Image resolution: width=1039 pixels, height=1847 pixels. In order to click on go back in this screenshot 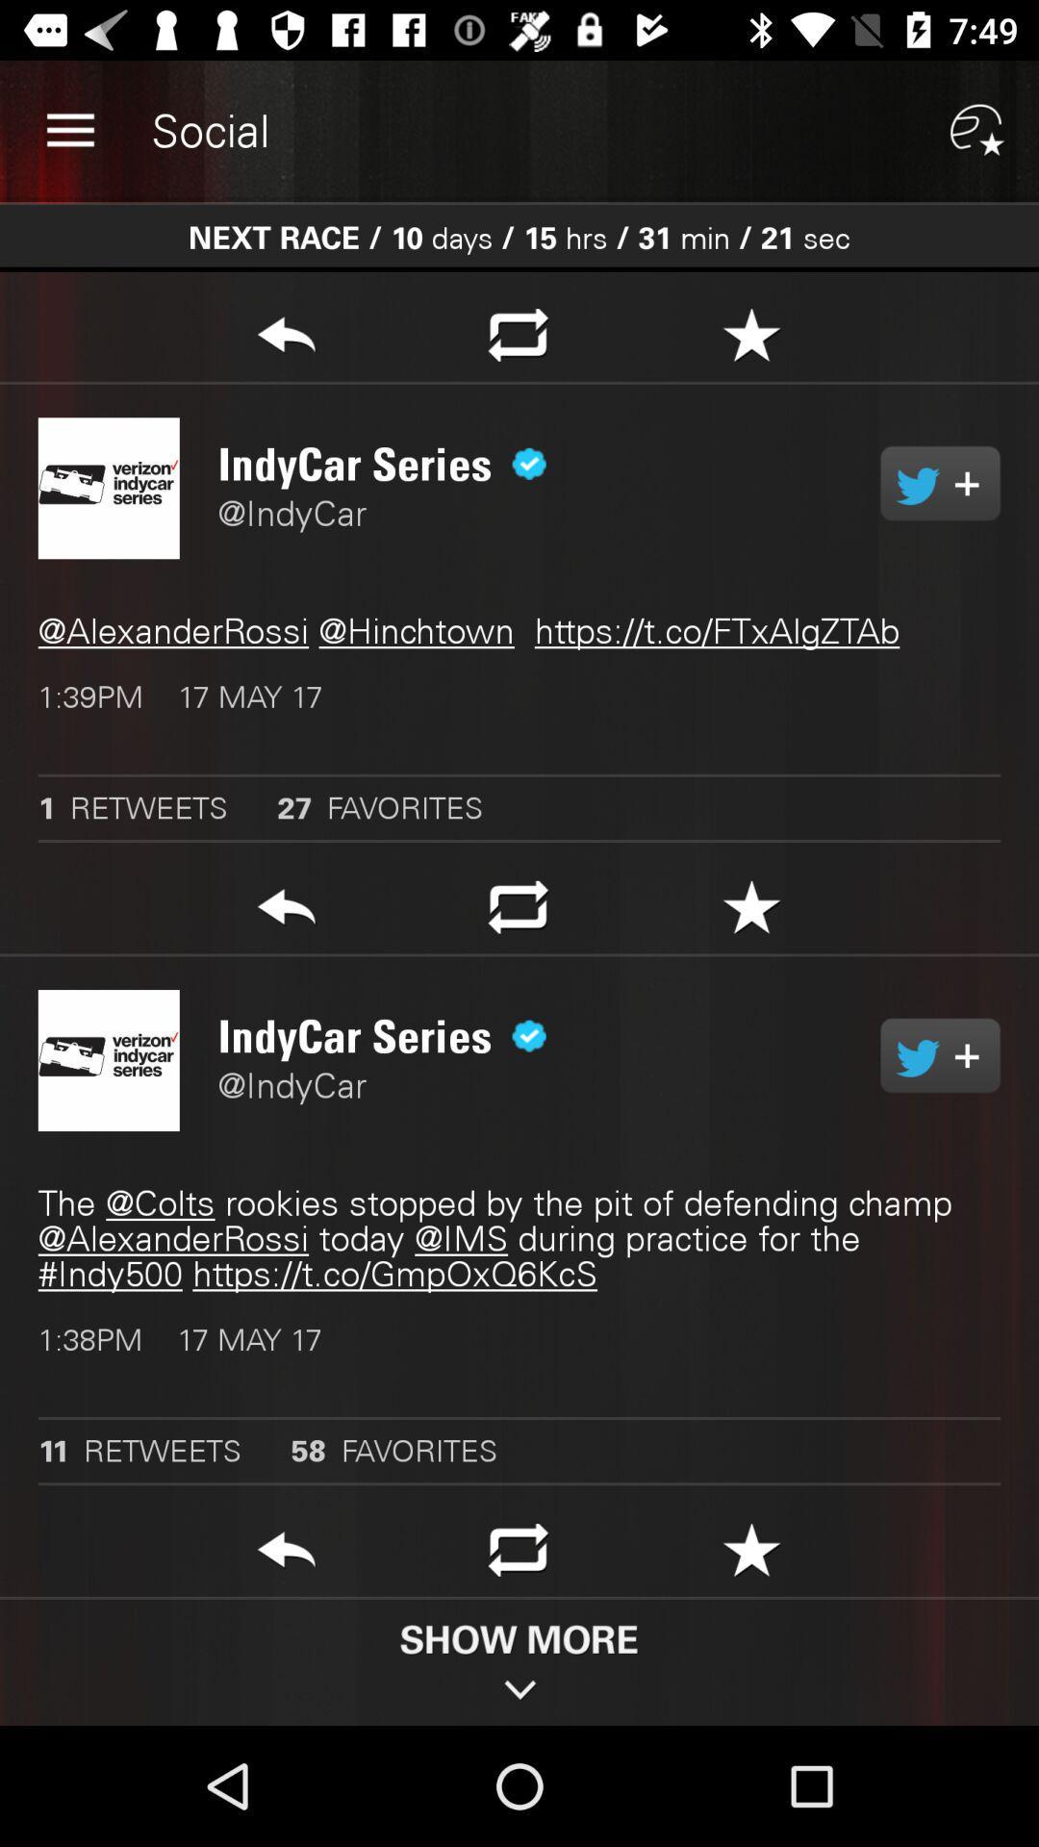, I will do `click(286, 912)`.